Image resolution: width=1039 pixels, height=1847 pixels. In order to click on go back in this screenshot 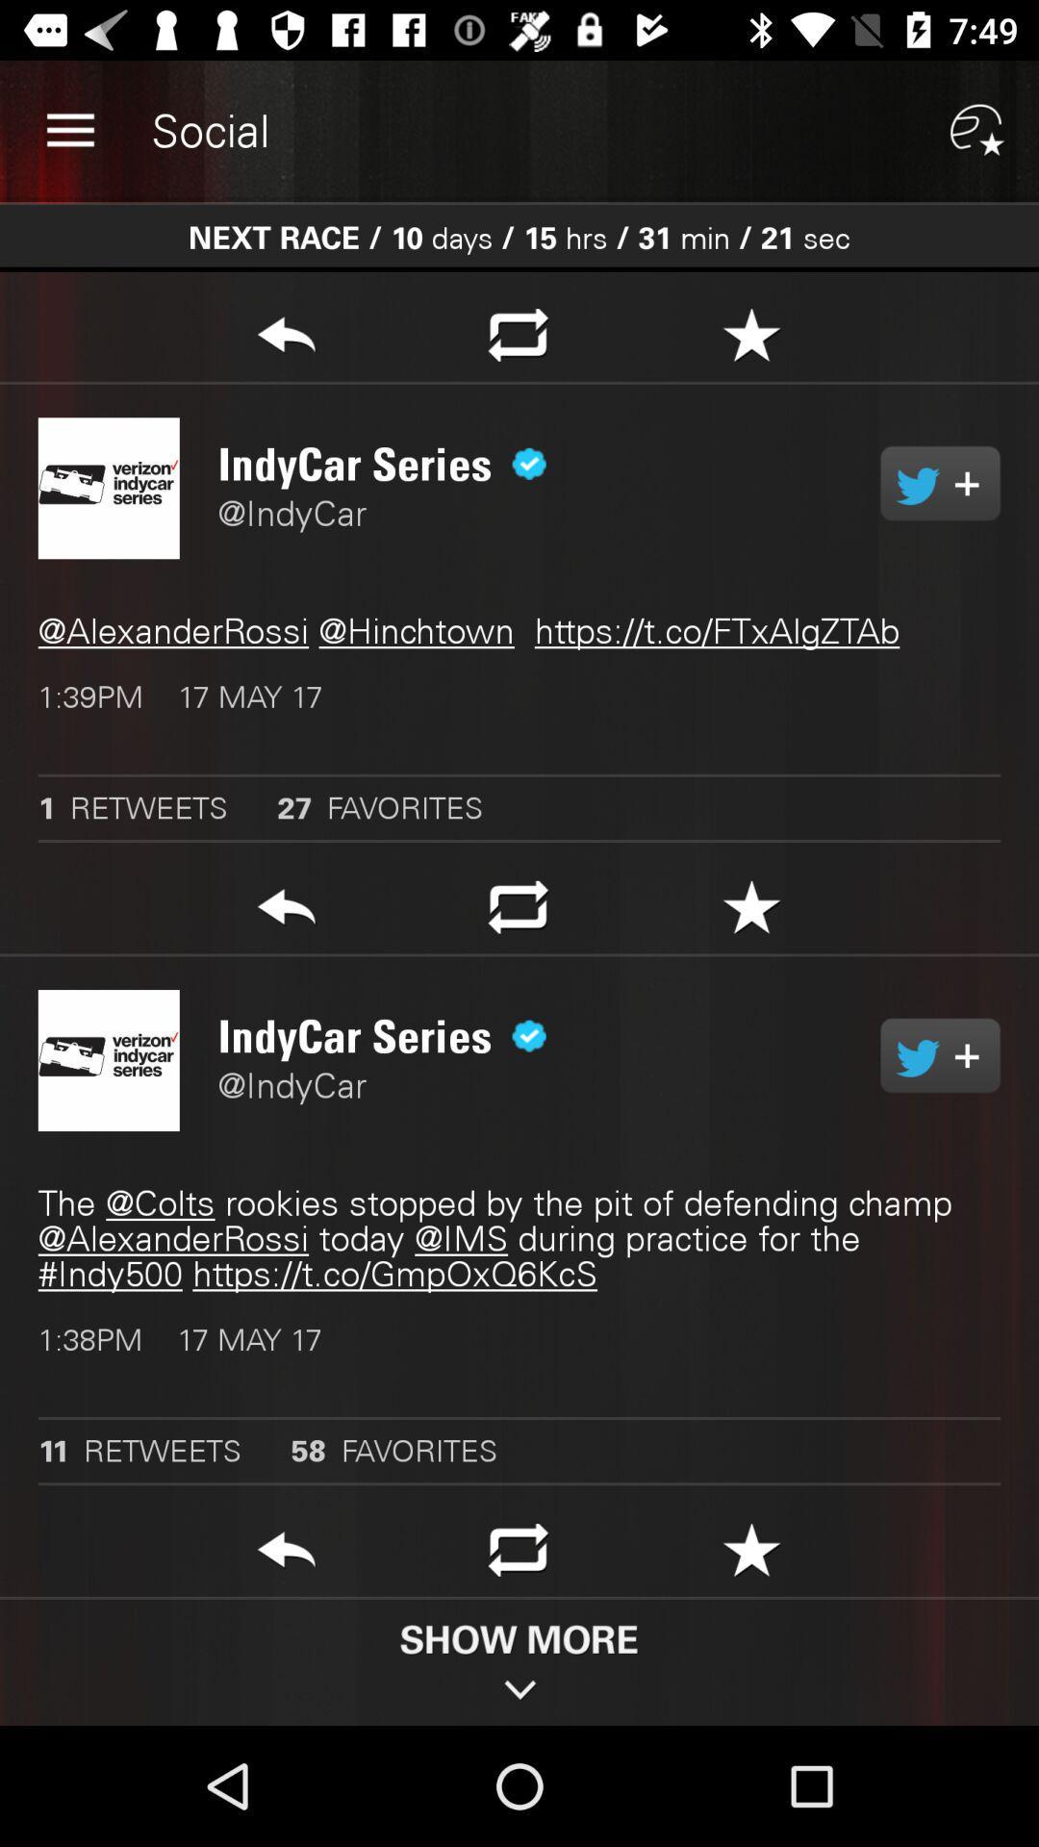, I will do `click(286, 912)`.